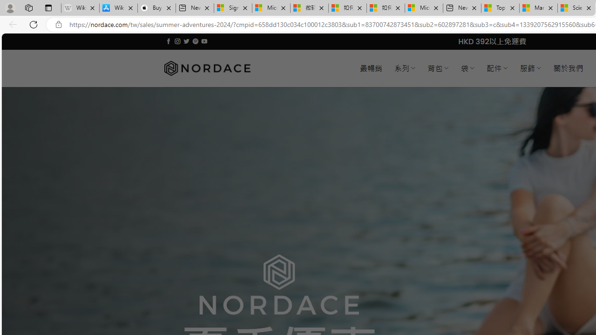  I want to click on 'Follow on Facebook', so click(169, 41).